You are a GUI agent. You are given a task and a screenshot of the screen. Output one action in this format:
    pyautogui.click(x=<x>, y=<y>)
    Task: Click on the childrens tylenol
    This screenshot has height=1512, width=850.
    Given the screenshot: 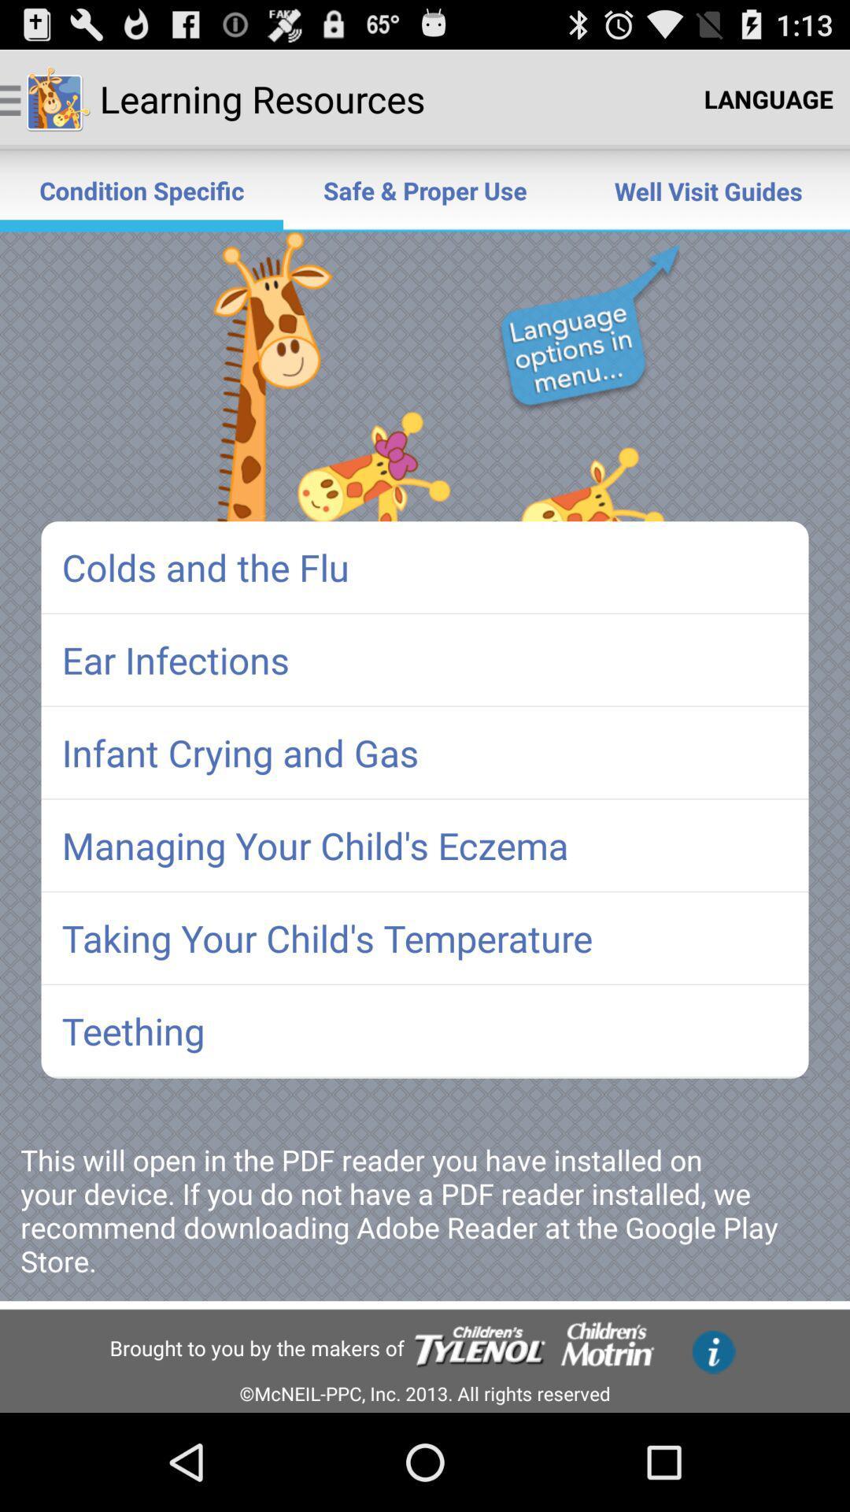 What is the action you would take?
    pyautogui.click(x=479, y=1347)
    